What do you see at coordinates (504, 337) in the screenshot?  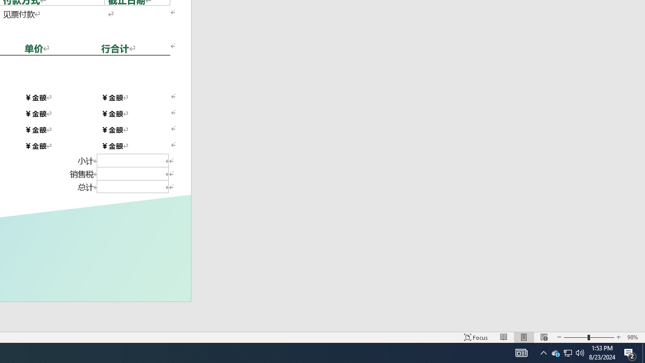 I see `'Read Mode'` at bounding box center [504, 337].